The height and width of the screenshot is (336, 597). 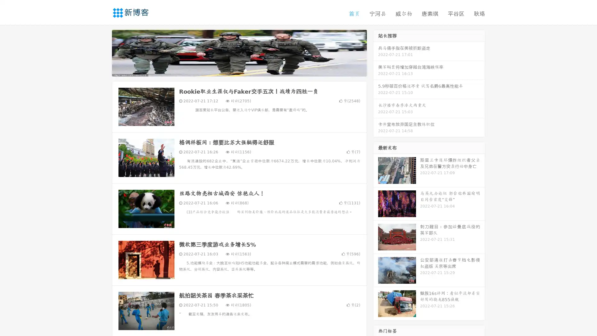 I want to click on Go to slide 3, so click(x=245, y=70).